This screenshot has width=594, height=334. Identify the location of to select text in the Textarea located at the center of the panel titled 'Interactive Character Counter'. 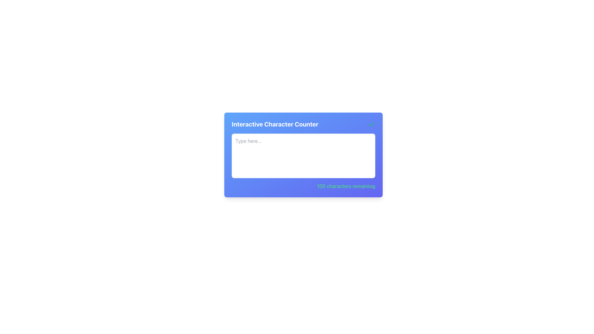
(303, 156).